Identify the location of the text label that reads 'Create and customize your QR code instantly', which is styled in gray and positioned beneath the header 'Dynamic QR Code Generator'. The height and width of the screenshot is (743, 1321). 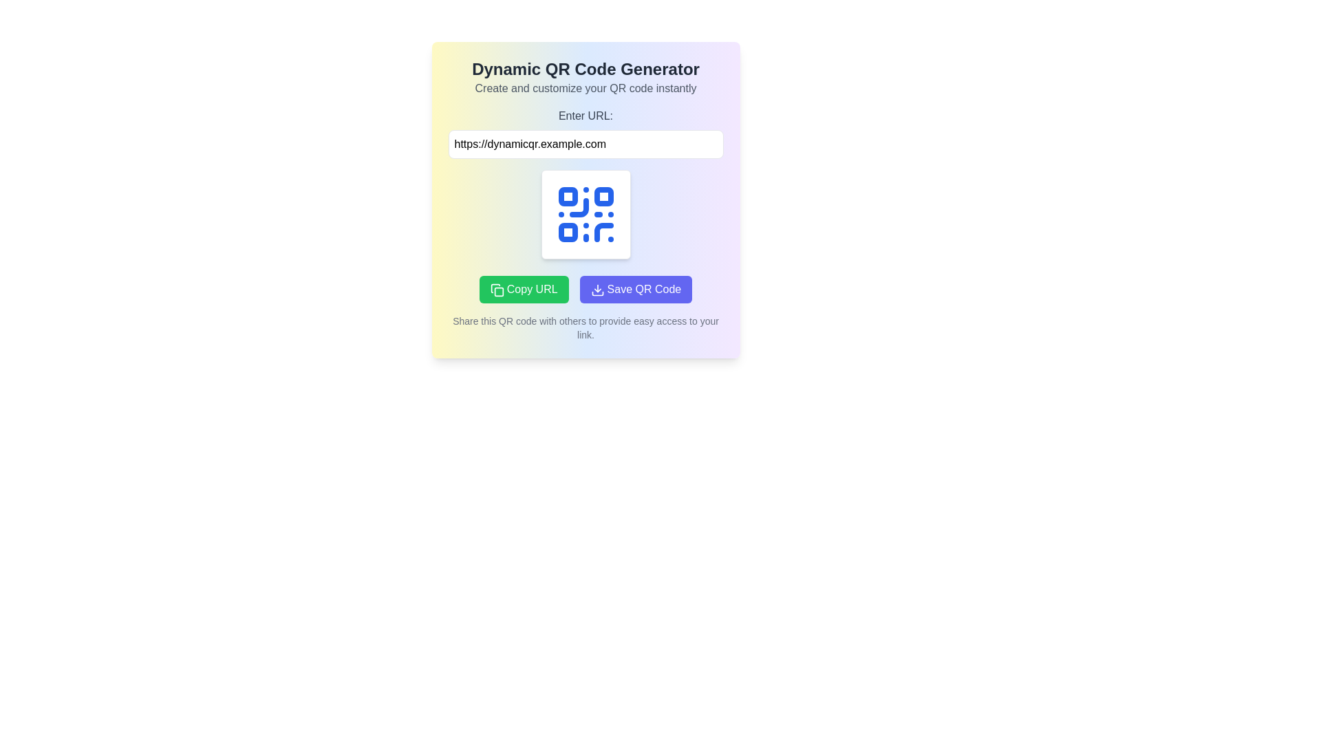
(586, 88).